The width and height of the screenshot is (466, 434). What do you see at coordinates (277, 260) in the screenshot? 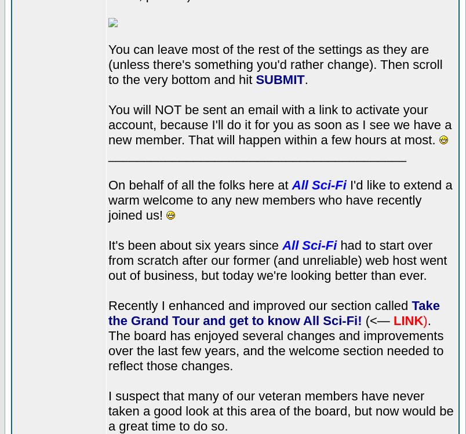
I see `'had to start over from scratch after our former (and unreliable) web host went out of business, but today we're looking better than ever.'` at bounding box center [277, 260].